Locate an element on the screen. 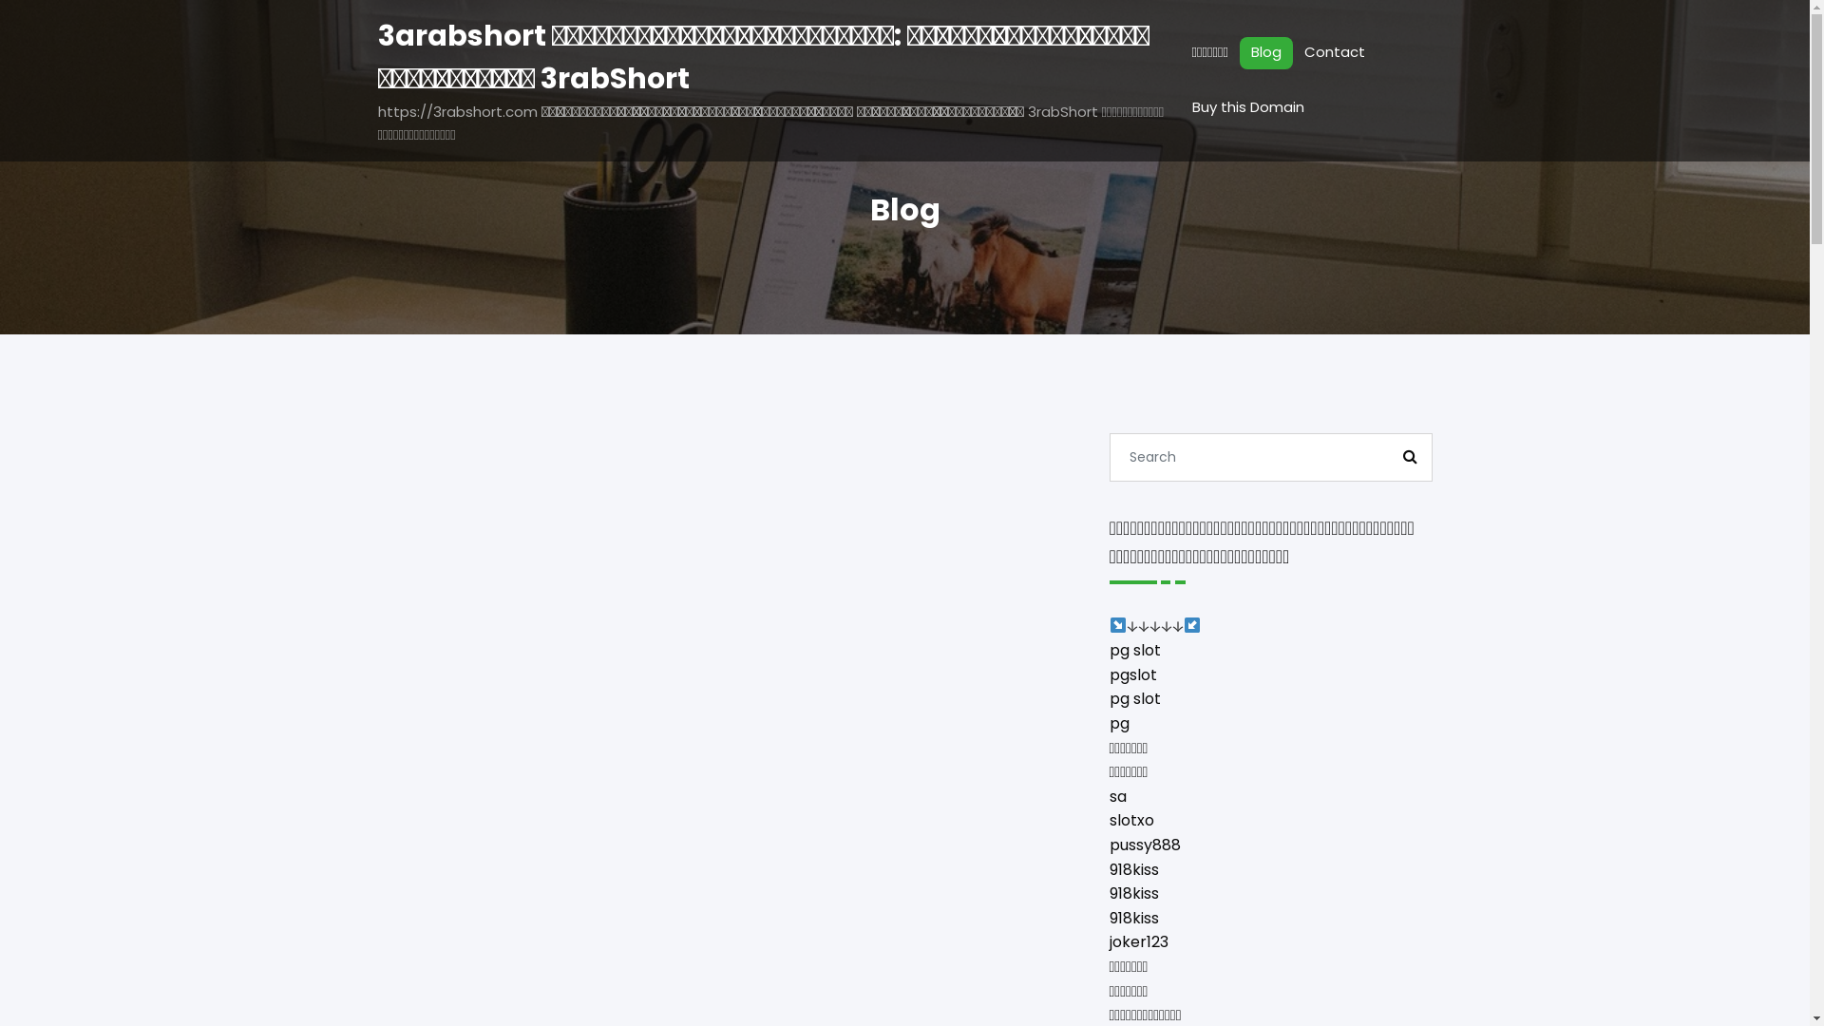 The image size is (1824, 1026). 'pg' is located at coordinates (1109, 723).